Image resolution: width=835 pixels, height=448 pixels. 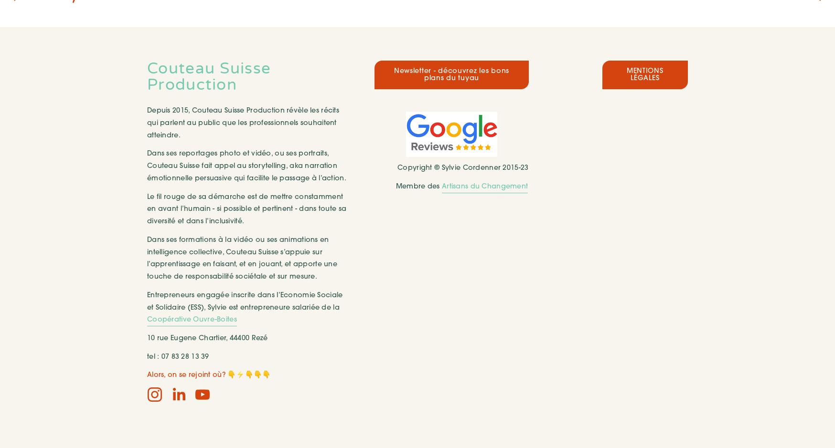 What do you see at coordinates (247, 209) in the screenshot?
I see `'Le fil rouge de sa démarche est de mettre constamment en avant l’humain - si possible et pertinent - dans toute sa diversité et dans l’inclusivité.'` at bounding box center [247, 209].